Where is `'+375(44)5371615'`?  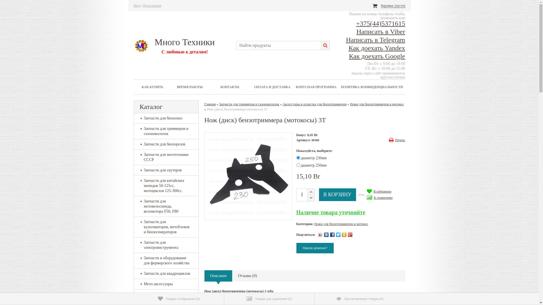 '+375(44)5371615' is located at coordinates (380, 23).